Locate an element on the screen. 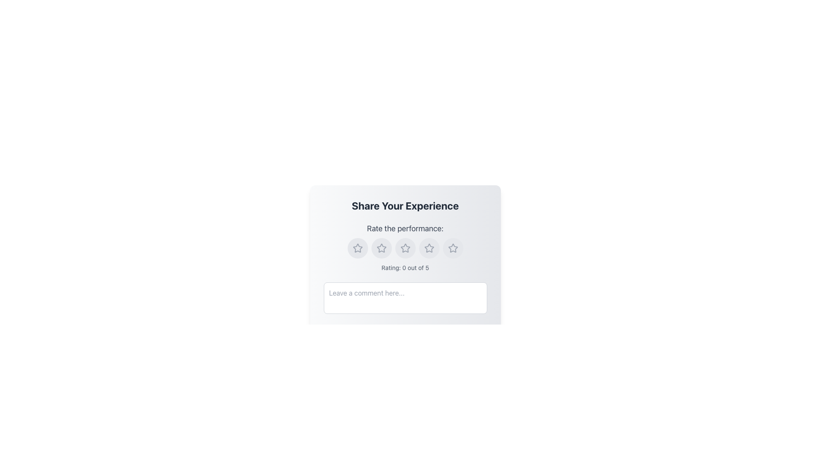  the fifth star rating button located beneath the header 'Share Your Experience' is located at coordinates (429, 248).